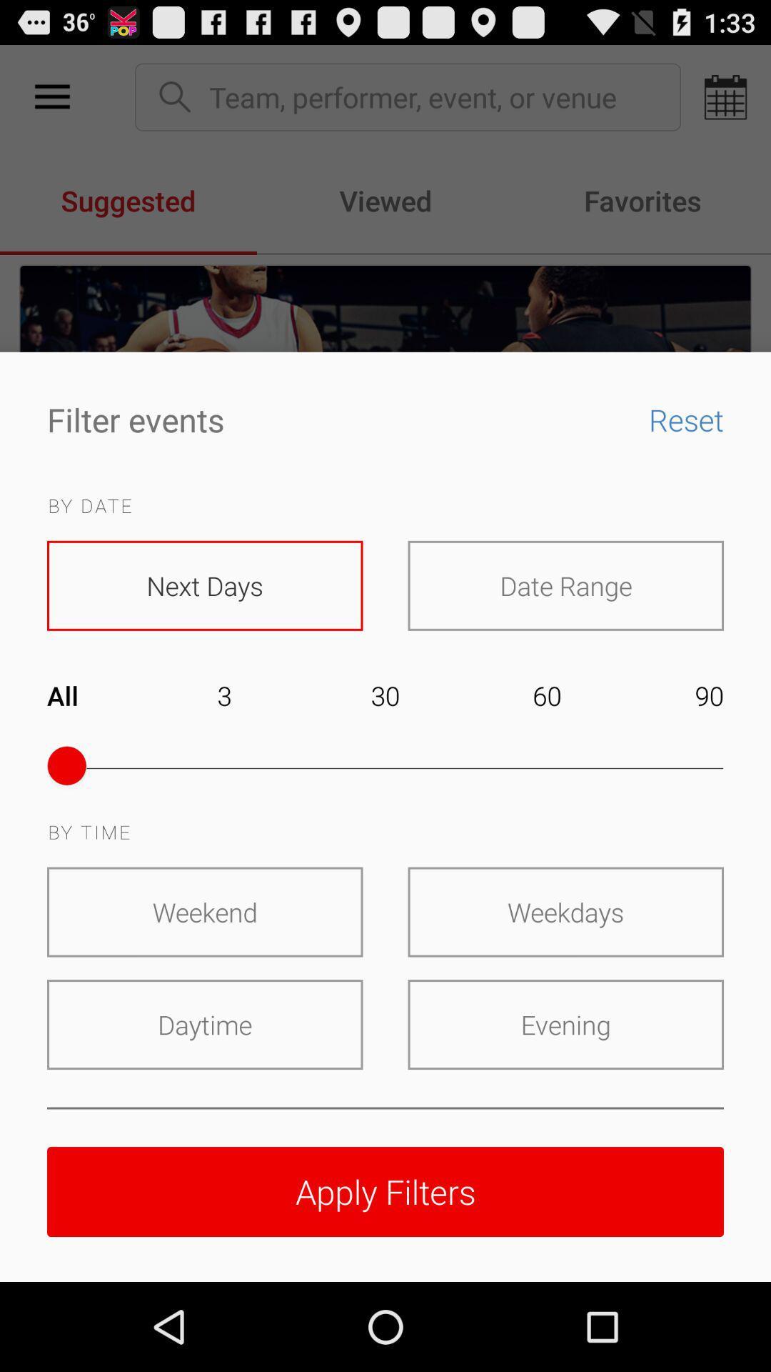 The width and height of the screenshot is (771, 1372). What do you see at coordinates (565, 585) in the screenshot?
I see `the icon above 30 icon` at bounding box center [565, 585].